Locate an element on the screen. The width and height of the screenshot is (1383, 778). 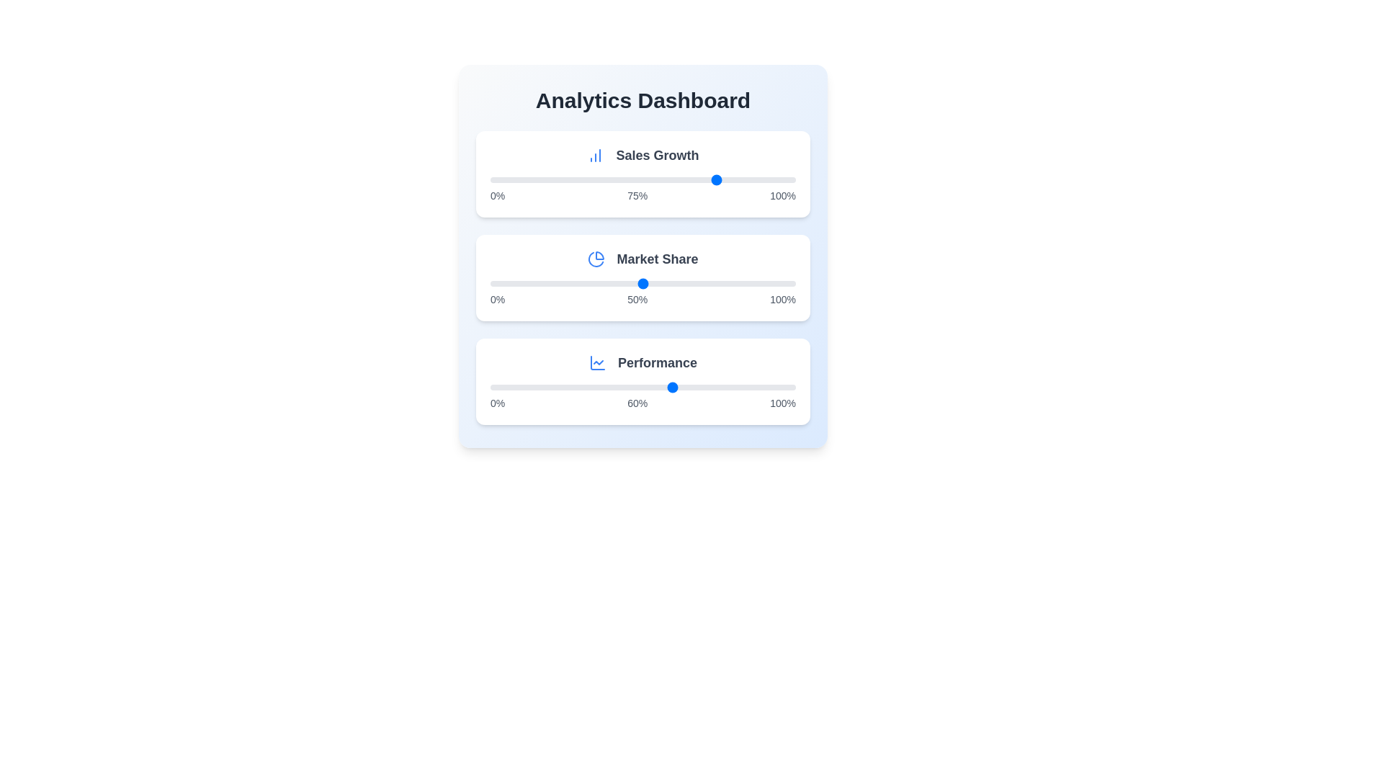
the 'Sales Growth' slider to 72% is located at coordinates (710, 179).